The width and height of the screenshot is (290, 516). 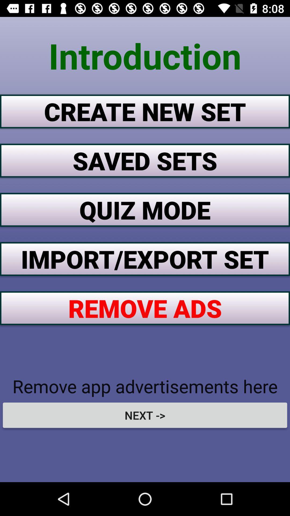 What do you see at coordinates (145, 308) in the screenshot?
I see `remove ads icon` at bounding box center [145, 308].